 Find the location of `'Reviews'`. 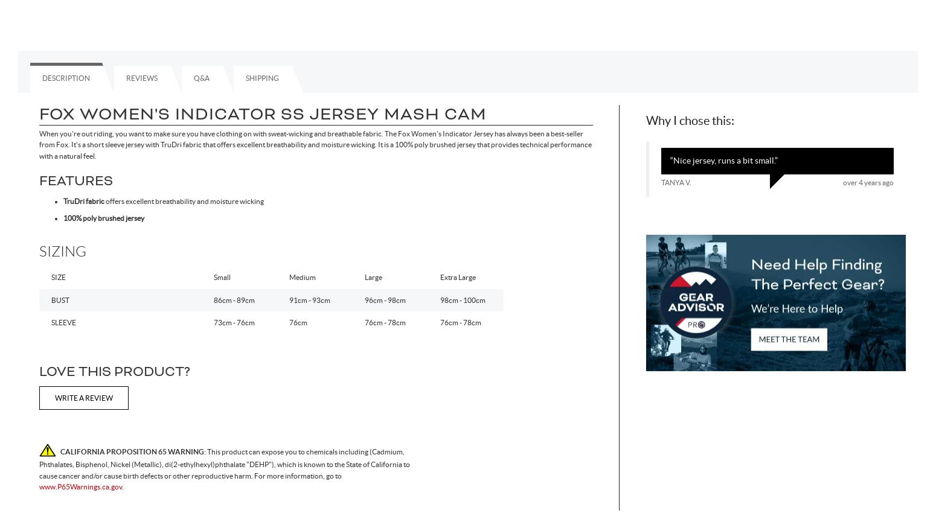

'Reviews' is located at coordinates (125, 77).